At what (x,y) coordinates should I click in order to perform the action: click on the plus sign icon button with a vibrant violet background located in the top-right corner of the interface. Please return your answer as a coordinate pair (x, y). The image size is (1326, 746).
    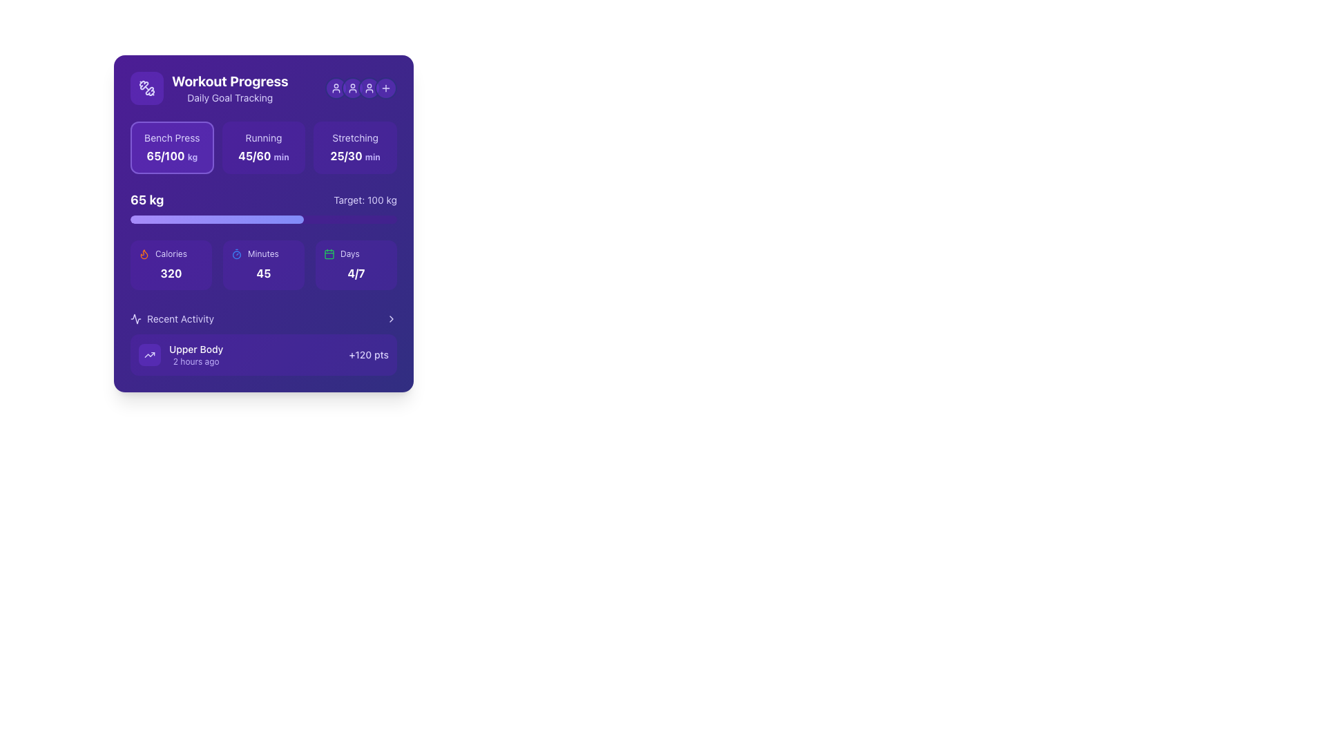
    Looking at the image, I should click on (385, 88).